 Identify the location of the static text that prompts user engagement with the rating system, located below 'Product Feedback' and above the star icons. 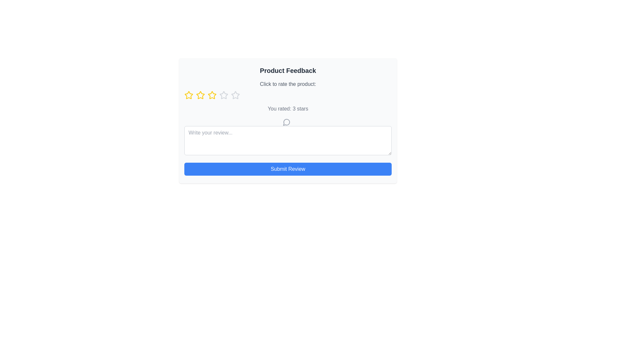
(287, 84).